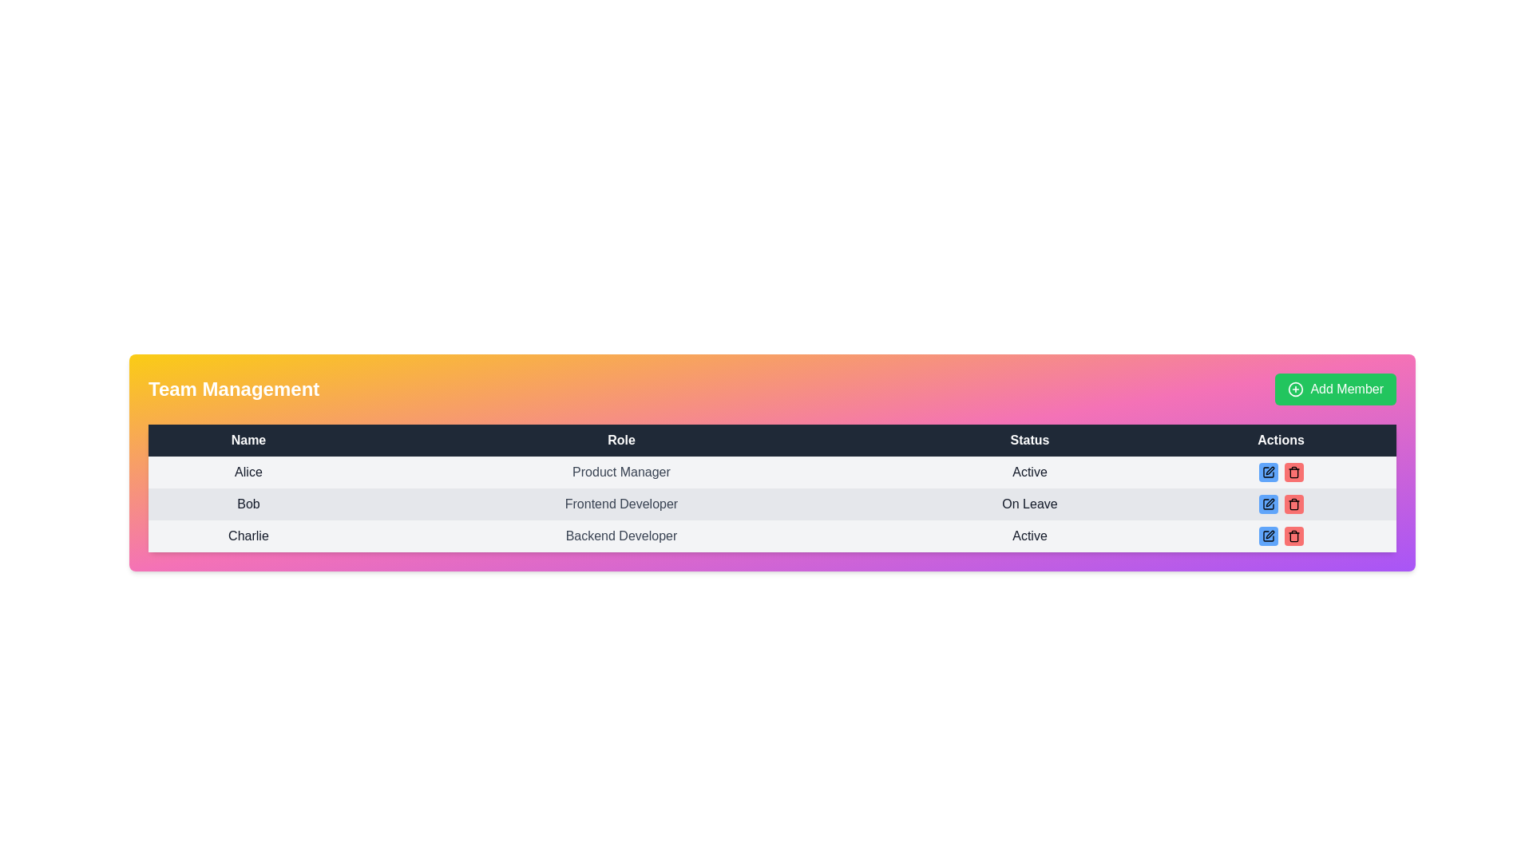 The image size is (1533, 862). I want to click on the text label displaying 'On Leave' which is located in the 'Status' column corresponding to 'Bob' in the table layout, so click(1030, 504).